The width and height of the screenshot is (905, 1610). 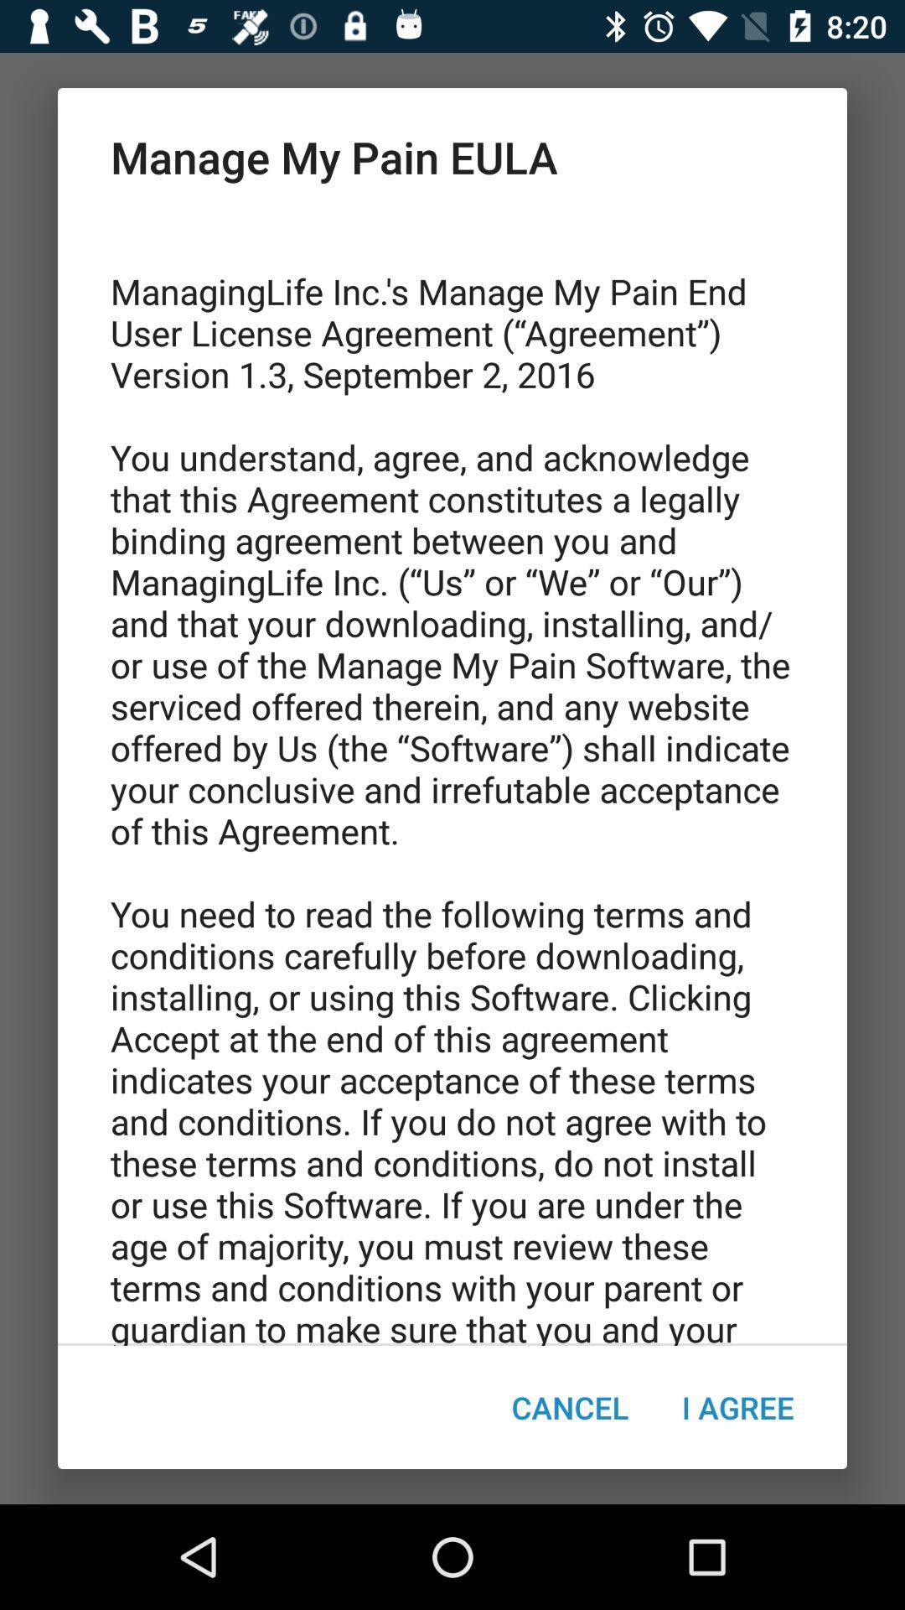 I want to click on the icon at the bottom right corner, so click(x=737, y=1407).